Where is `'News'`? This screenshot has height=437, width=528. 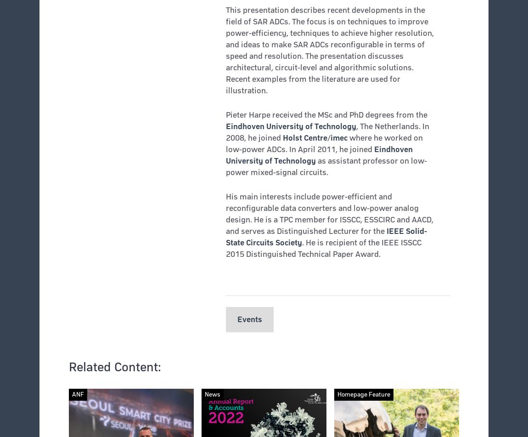 'News' is located at coordinates (212, 394).